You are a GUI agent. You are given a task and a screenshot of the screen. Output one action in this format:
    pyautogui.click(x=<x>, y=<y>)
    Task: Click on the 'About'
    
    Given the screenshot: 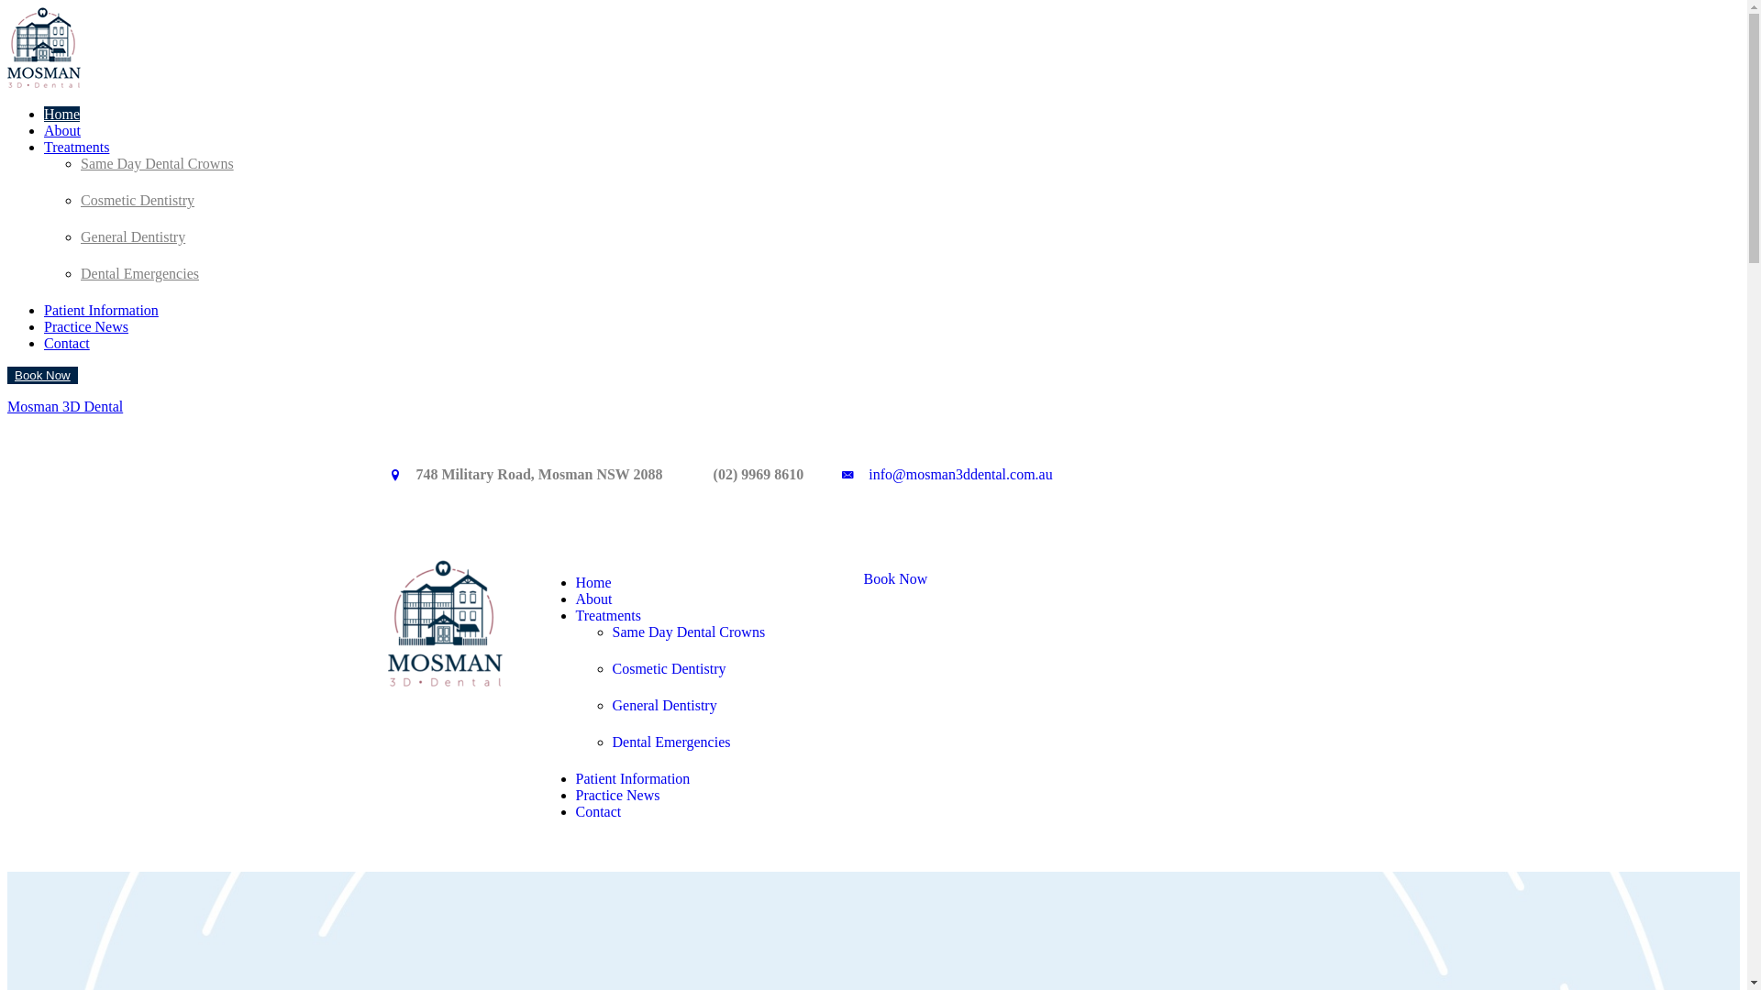 What is the action you would take?
    pyautogui.click(x=575, y=599)
    